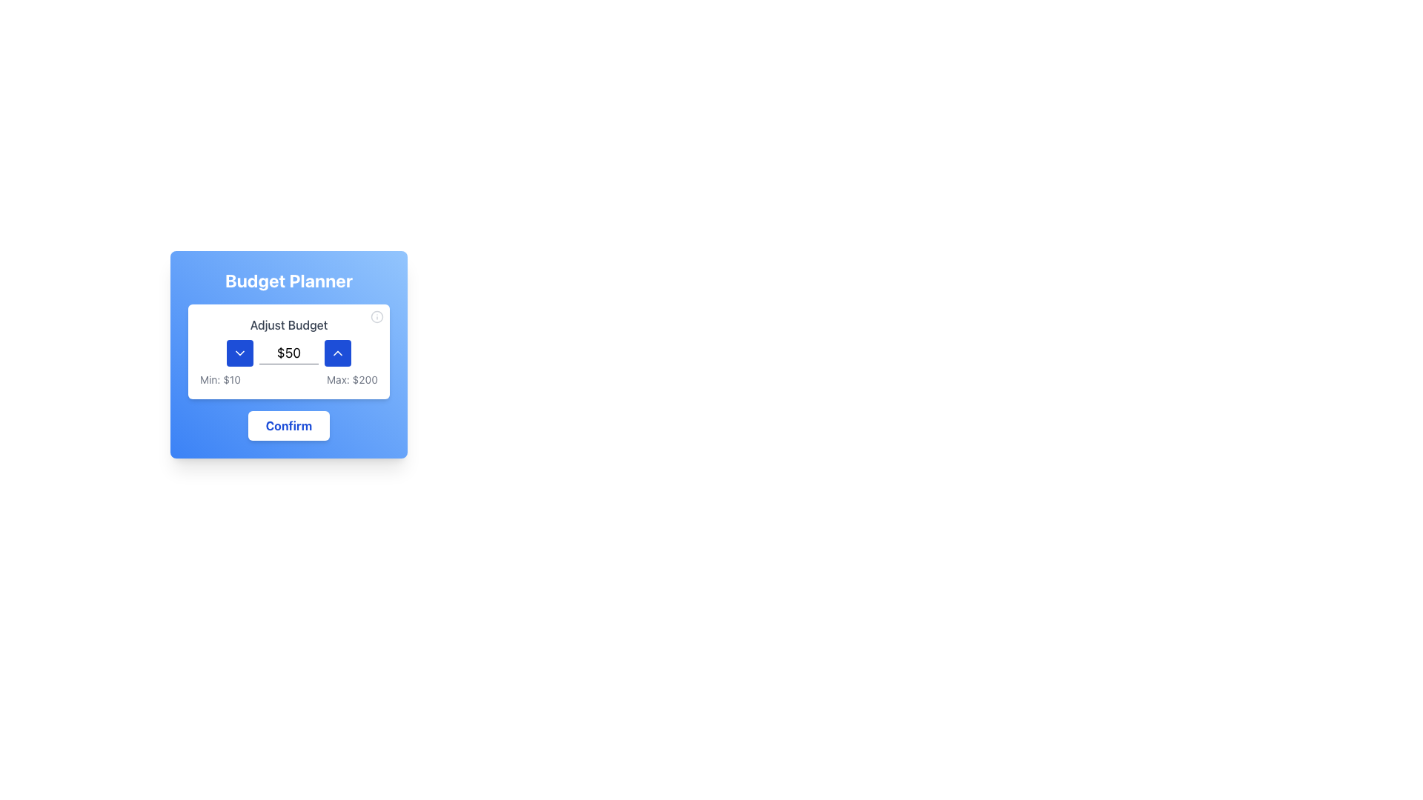 This screenshot has width=1423, height=800. What do you see at coordinates (288, 425) in the screenshot?
I see `the 'Confirm' button at the bottom of the 'Budget Planner' card to observe the hover effects` at bounding box center [288, 425].